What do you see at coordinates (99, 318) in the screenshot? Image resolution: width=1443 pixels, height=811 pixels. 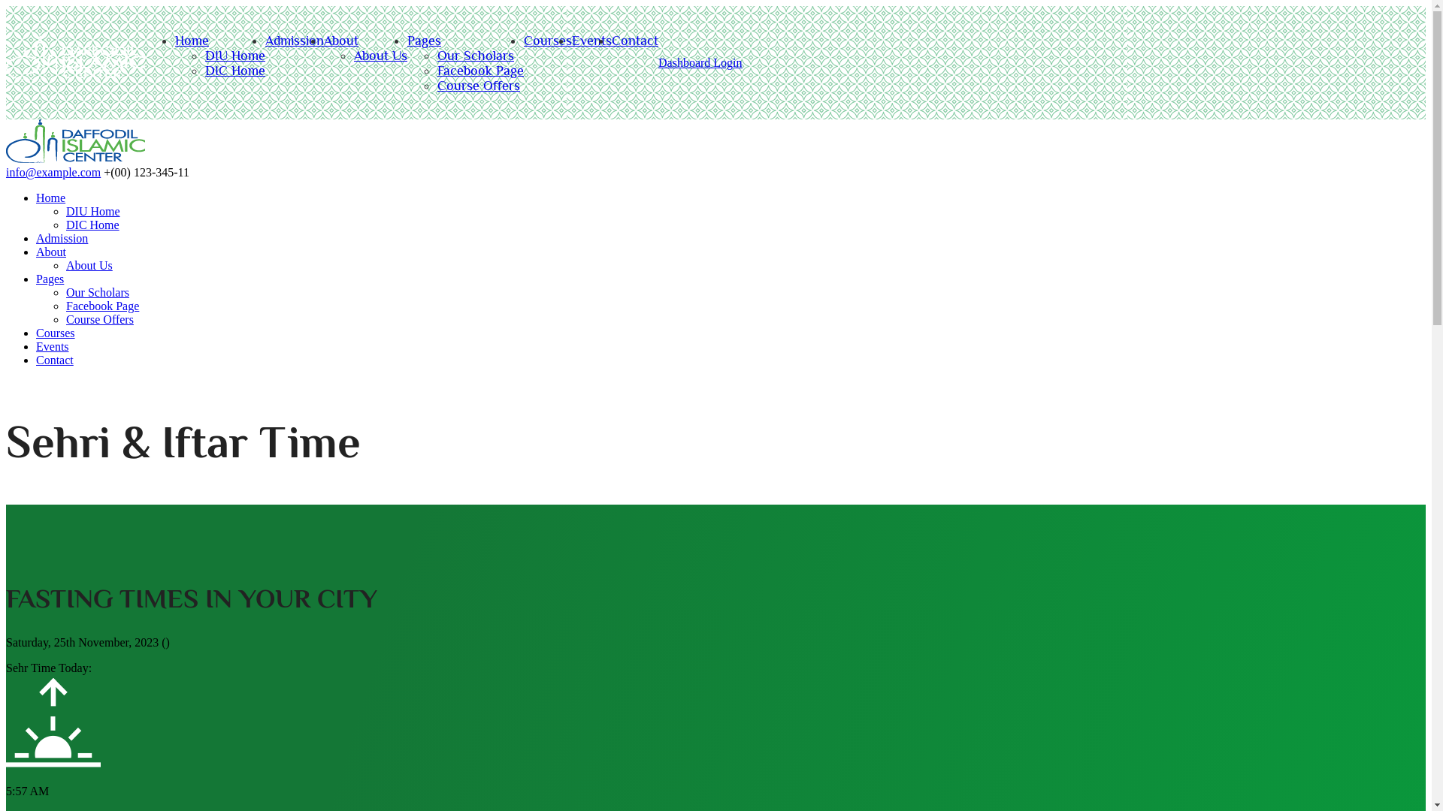 I see `'Course Offers'` at bounding box center [99, 318].